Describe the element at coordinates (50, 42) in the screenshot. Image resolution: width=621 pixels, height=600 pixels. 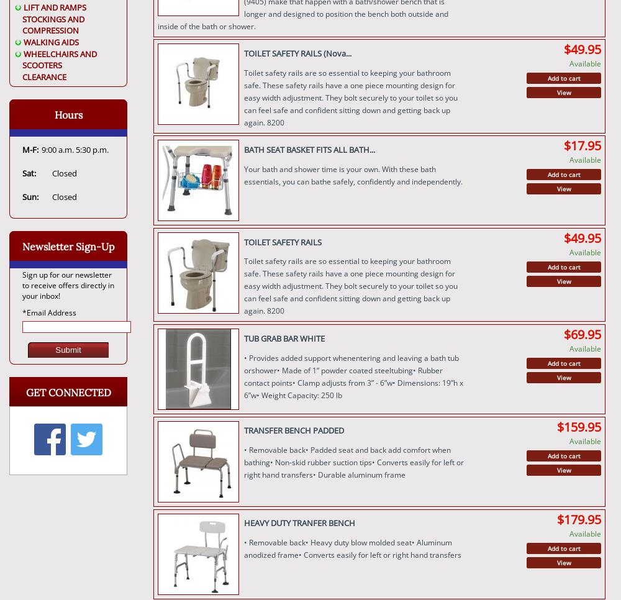
I see `'WALKING AIDS'` at that location.